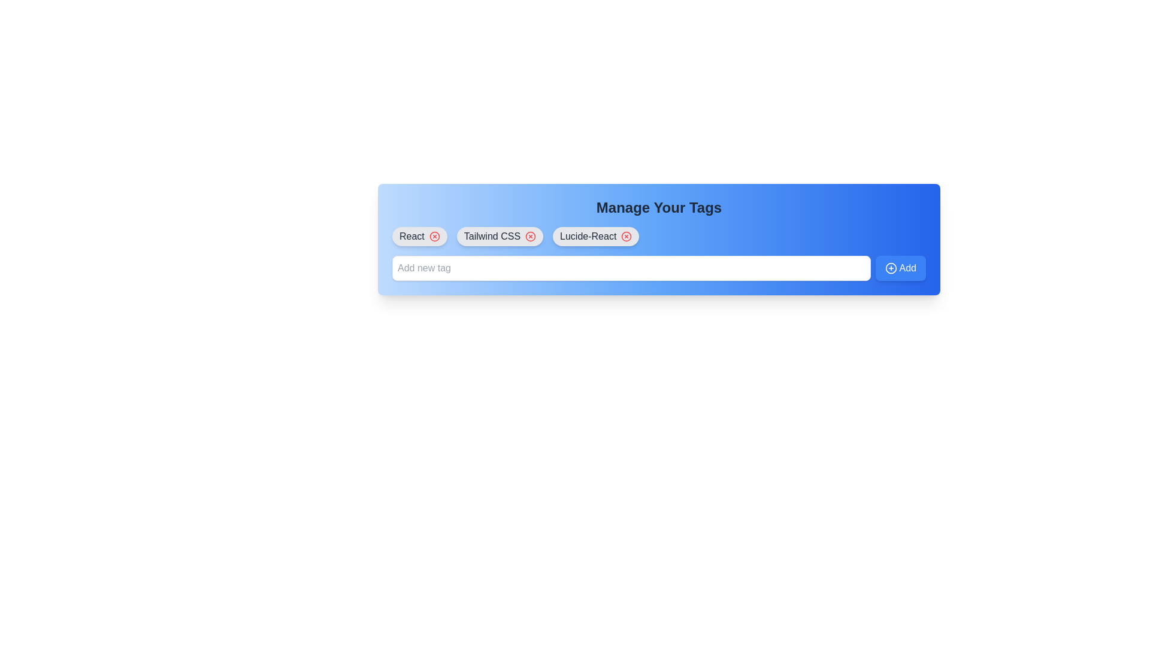 Image resolution: width=1150 pixels, height=647 pixels. I want to click on the circular button with a red fill and white inner area, located at the right end of the 'Lucide-React' tag, so click(626, 236).